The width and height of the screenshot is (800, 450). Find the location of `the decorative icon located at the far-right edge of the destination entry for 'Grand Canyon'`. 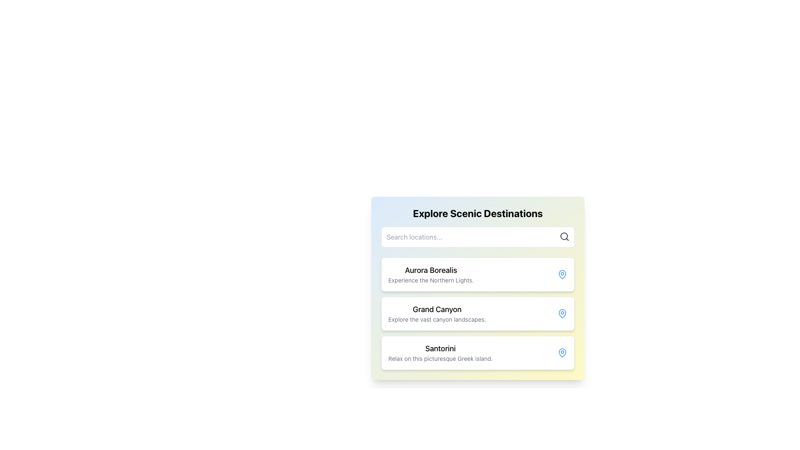

the decorative icon located at the far-right edge of the destination entry for 'Grand Canyon' is located at coordinates (562, 274).